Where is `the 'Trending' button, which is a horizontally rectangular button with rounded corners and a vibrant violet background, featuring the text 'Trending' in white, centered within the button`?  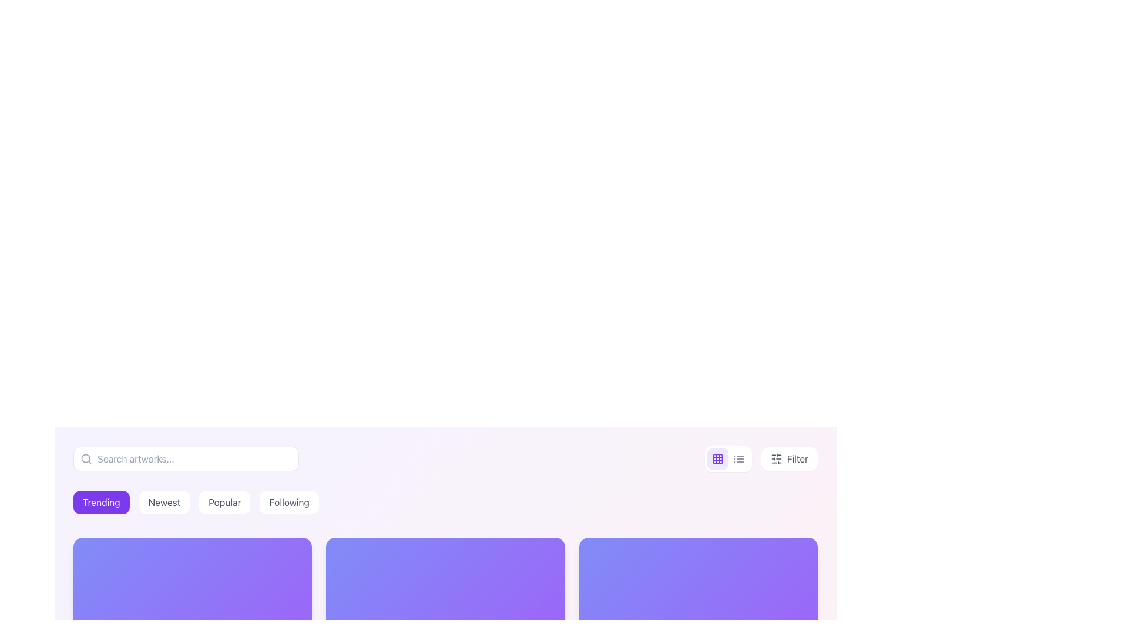 the 'Trending' button, which is a horizontally rectangular button with rounded corners and a vibrant violet background, featuring the text 'Trending' in white, centered within the button is located at coordinates (101, 502).